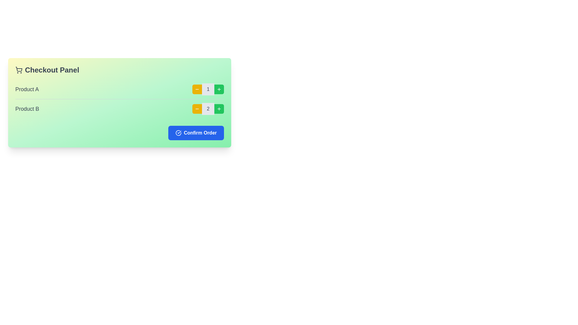 This screenshot has height=325, width=578. Describe the element at coordinates (27, 109) in the screenshot. I see `the text label identifying 'Product B' in the checkout interface, which serves to clarify the item associated with the row's controls and actions` at that location.